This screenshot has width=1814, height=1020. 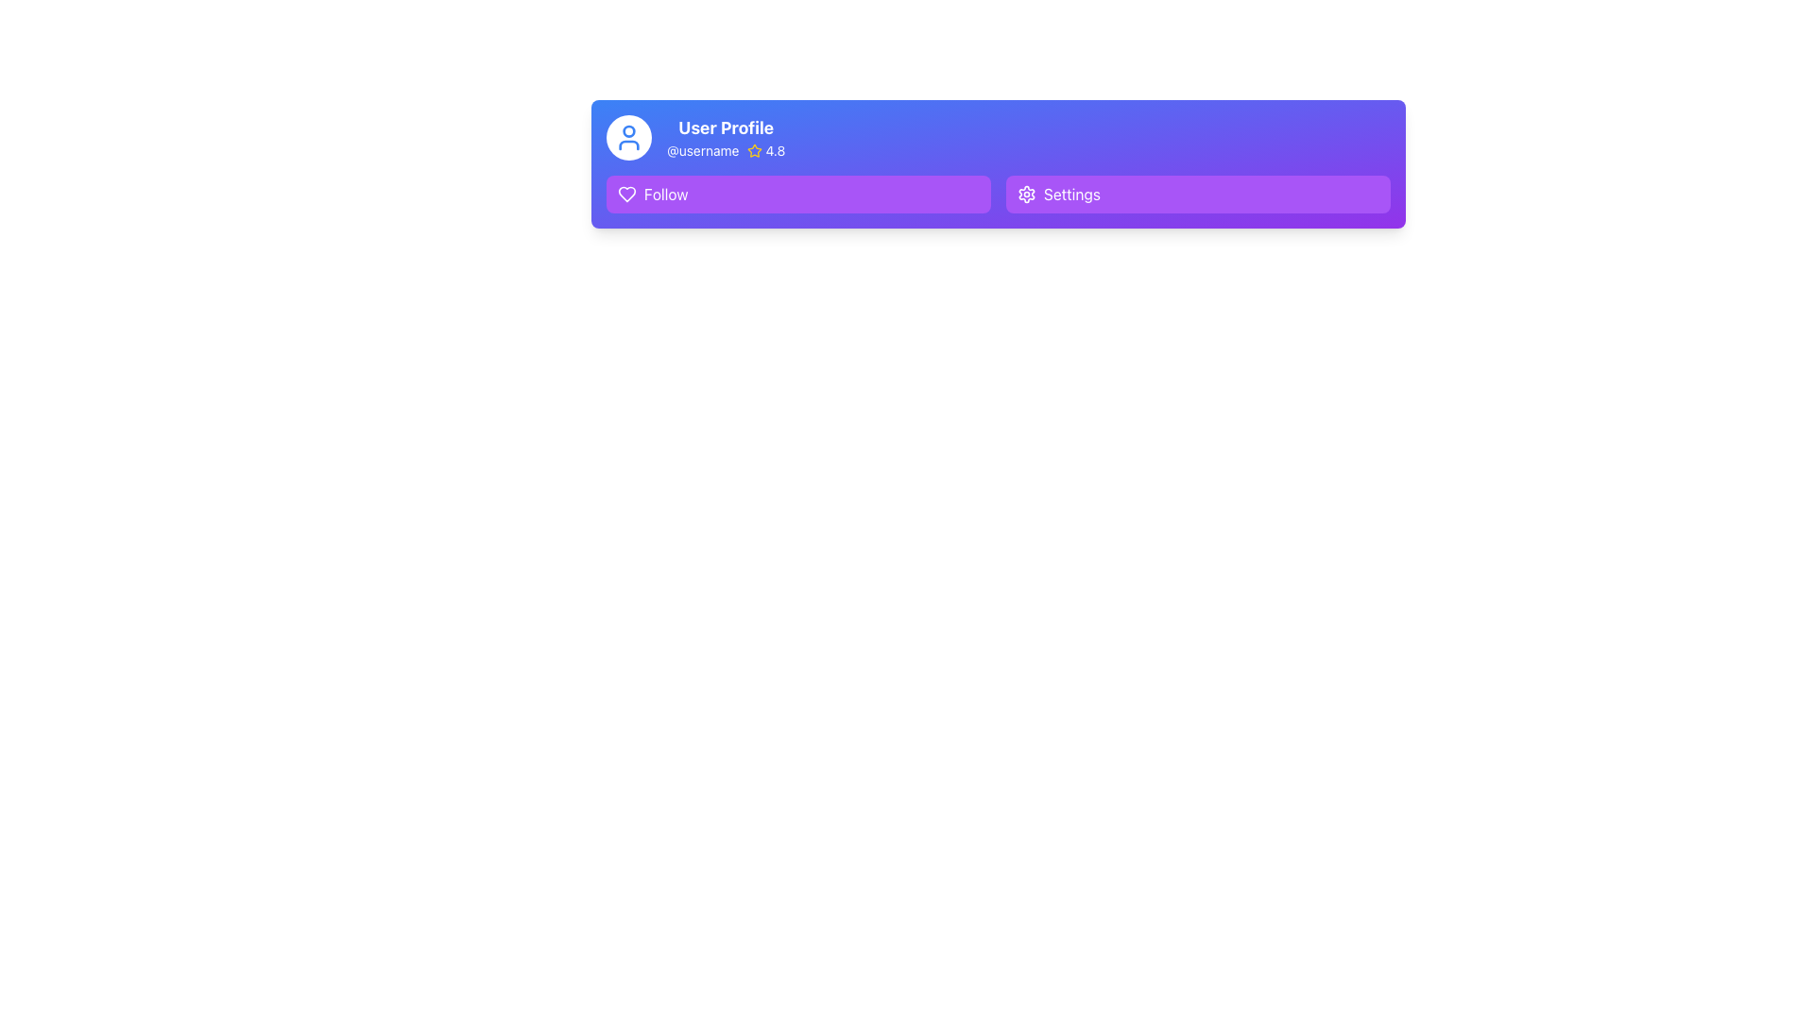 I want to click on the inner detailing of the gear shape inside the settings button located on the header bar to the right of the 'Follow' button, so click(x=1025, y=194).